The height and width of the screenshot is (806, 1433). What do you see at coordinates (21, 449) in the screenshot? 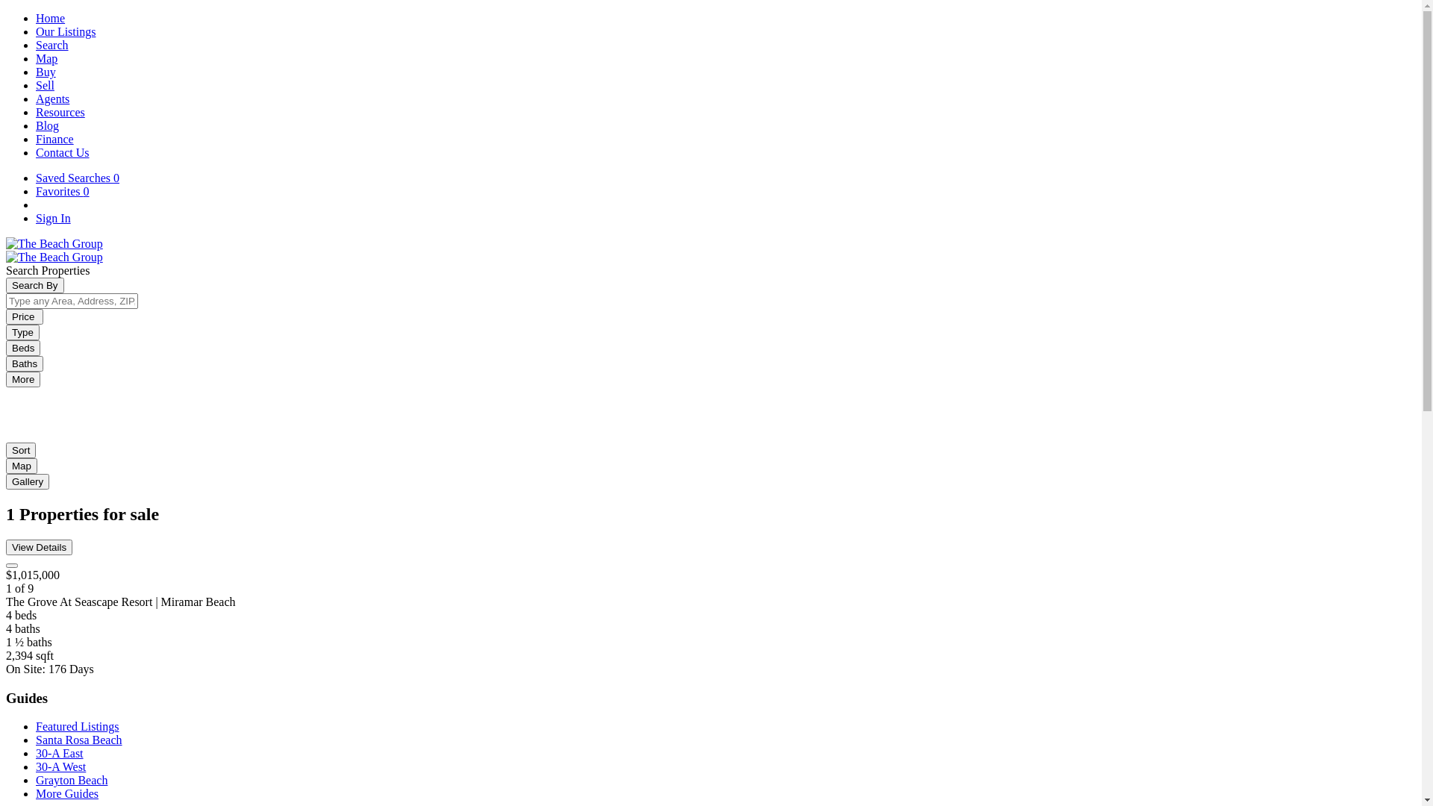
I see `'Sort'` at bounding box center [21, 449].